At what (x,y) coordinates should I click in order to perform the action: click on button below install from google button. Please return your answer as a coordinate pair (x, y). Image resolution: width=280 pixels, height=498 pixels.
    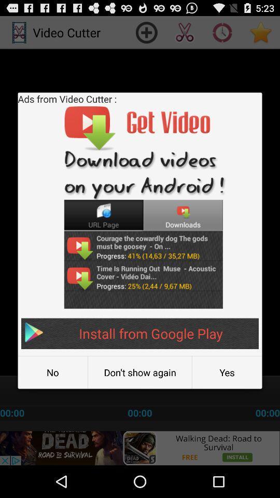
    Looking at the image, I should click on (52, 372).